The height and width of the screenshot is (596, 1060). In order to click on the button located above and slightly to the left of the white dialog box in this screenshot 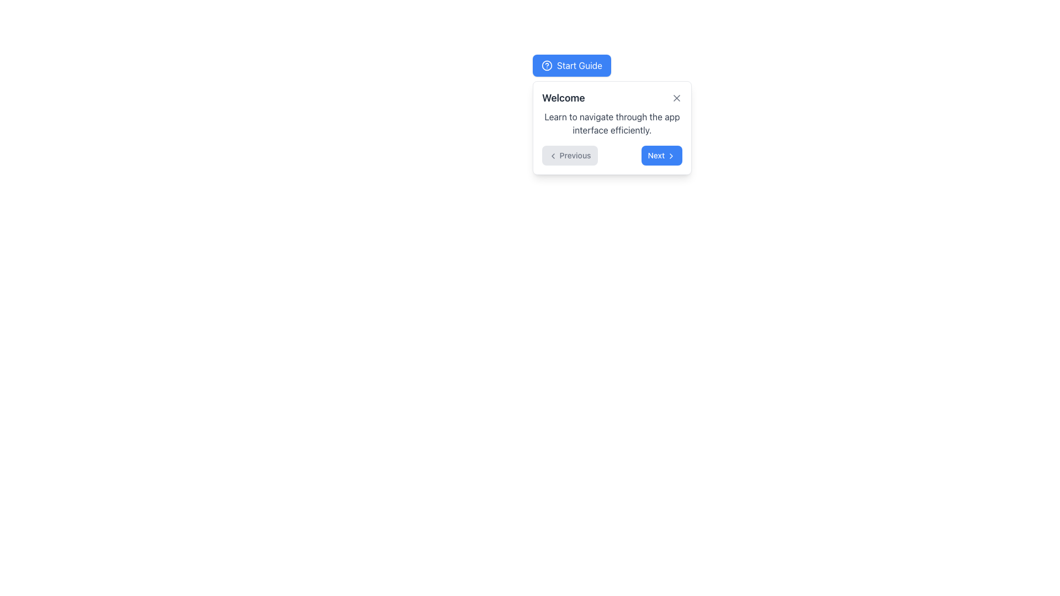, I will do `click(571, 66)`.